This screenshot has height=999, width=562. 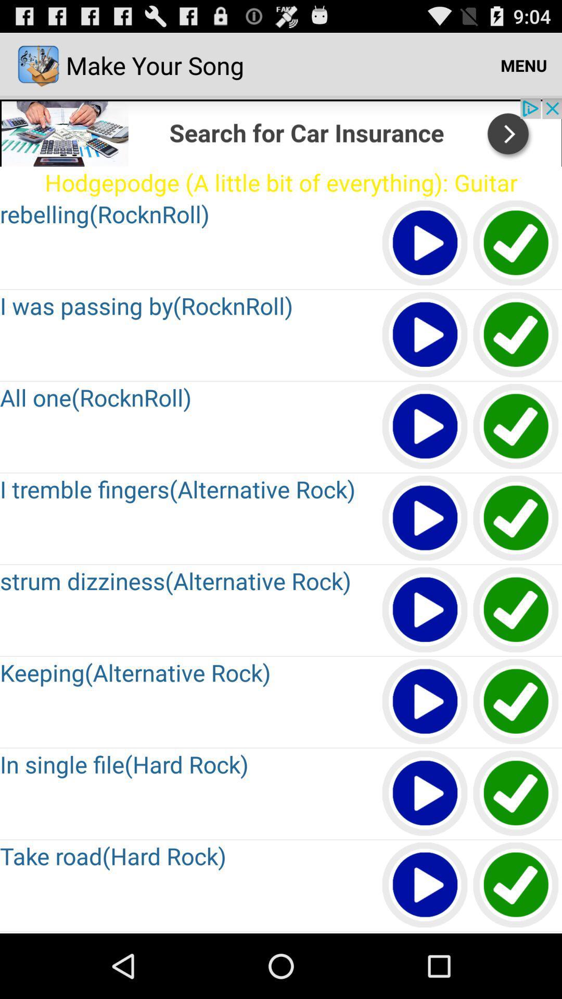 What do you see at coordinates (516, 885) in the screenshot?
I see `check box` at bounding box center [516, 885].